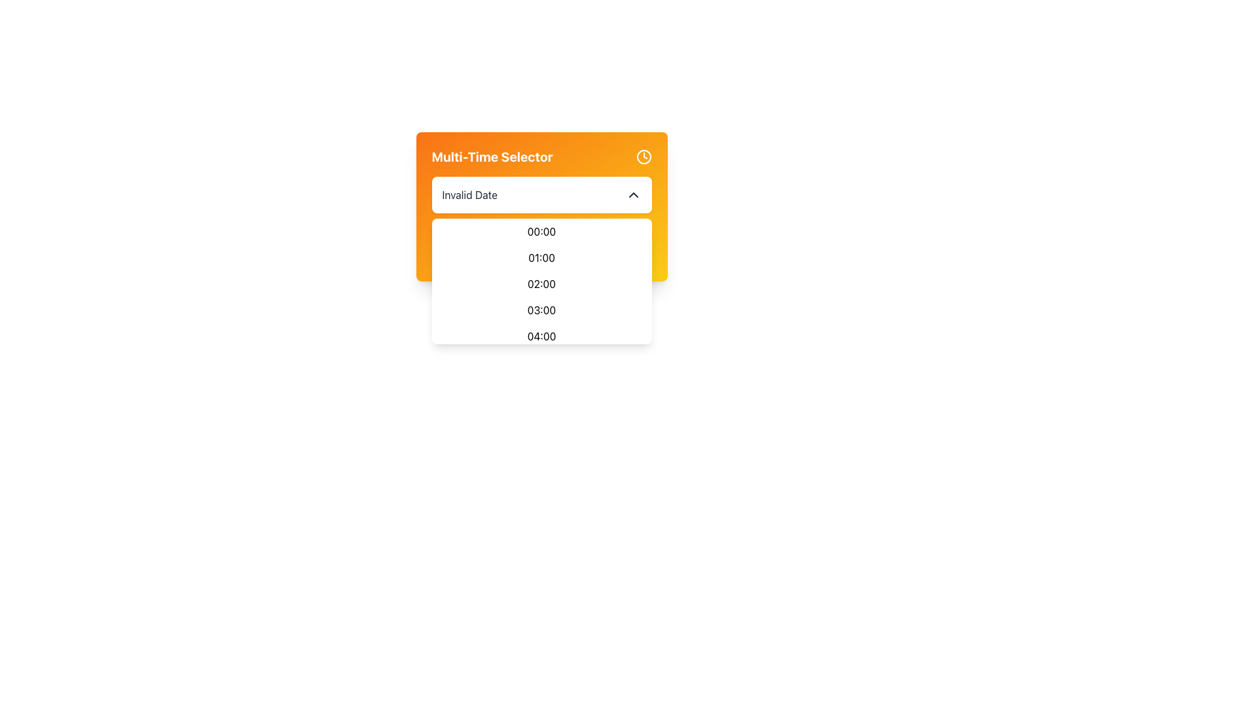  Describe the element at coordinates (541, 257) in the screenshot. I see `to select the time '01:00' from the dropdown list, which is visually represented by the string '01:00' in black text on a white background, as the second item in the list` at that location.